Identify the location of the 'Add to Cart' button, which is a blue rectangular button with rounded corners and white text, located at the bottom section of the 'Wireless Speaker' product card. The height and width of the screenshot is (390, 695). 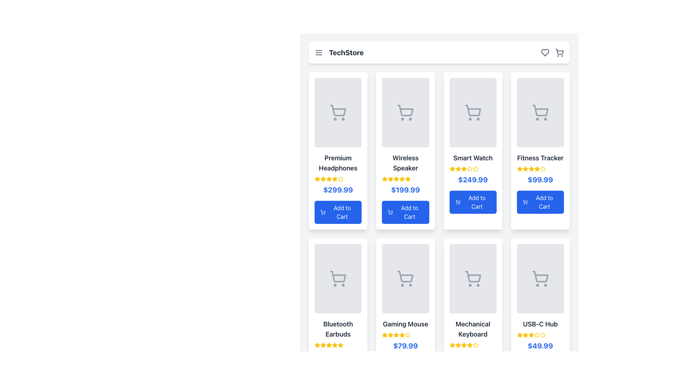
(405, 212).